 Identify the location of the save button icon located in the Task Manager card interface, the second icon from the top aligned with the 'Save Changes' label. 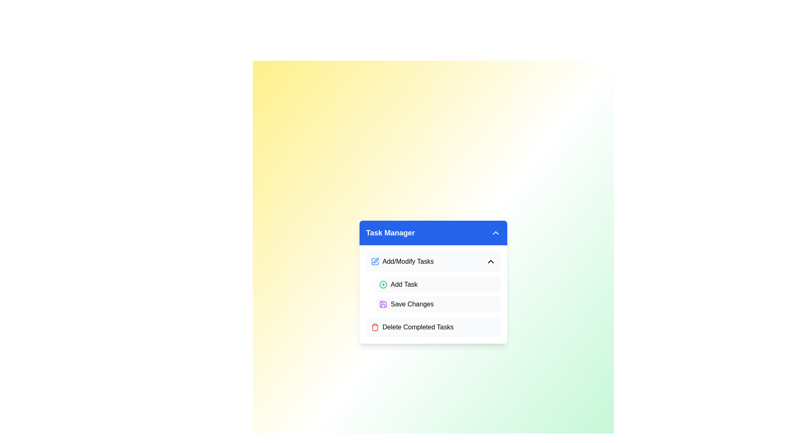
(383, 304).